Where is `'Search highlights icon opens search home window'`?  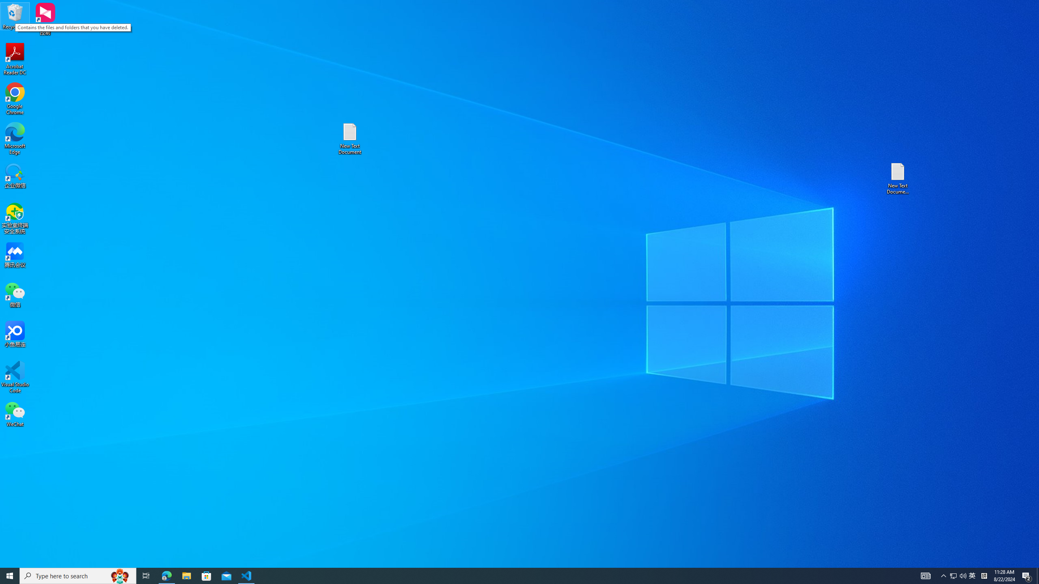
'Search highlights icon opens search home window' is located at coordinates (119, 575).